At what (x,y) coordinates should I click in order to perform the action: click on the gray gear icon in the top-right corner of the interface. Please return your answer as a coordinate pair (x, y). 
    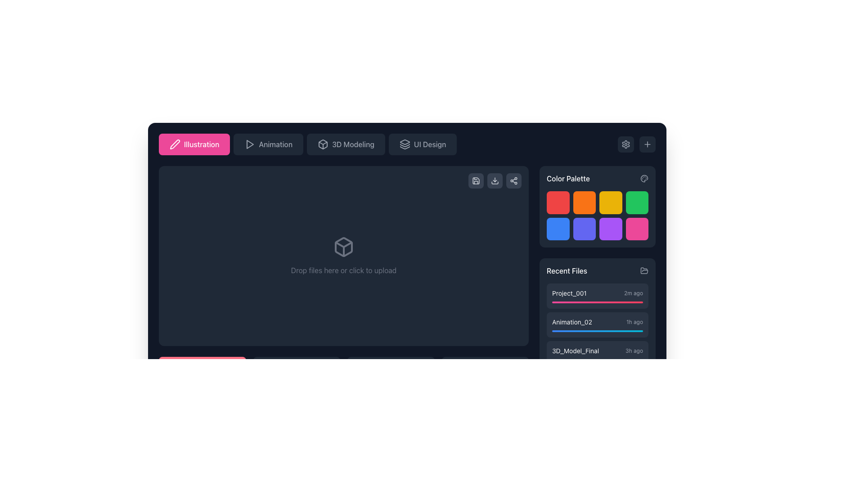
    Looking at the image, I should click on (625, 144).